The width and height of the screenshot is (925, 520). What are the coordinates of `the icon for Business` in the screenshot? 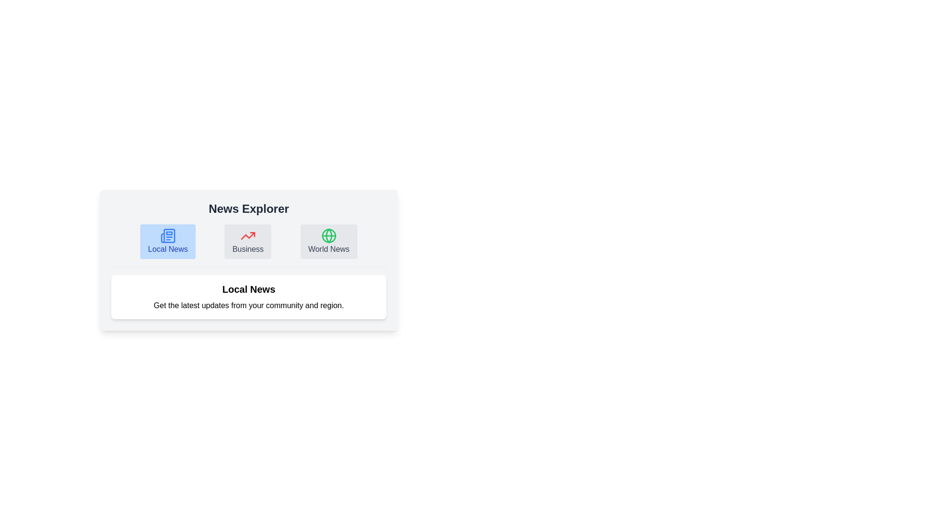 It's located at (248, 241).